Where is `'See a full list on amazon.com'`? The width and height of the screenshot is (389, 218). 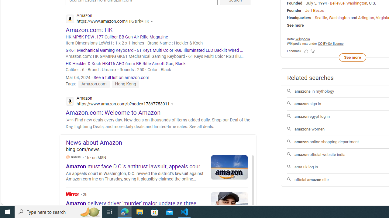
'See a full list on amazon.com' is located at coordinates (122, 77).